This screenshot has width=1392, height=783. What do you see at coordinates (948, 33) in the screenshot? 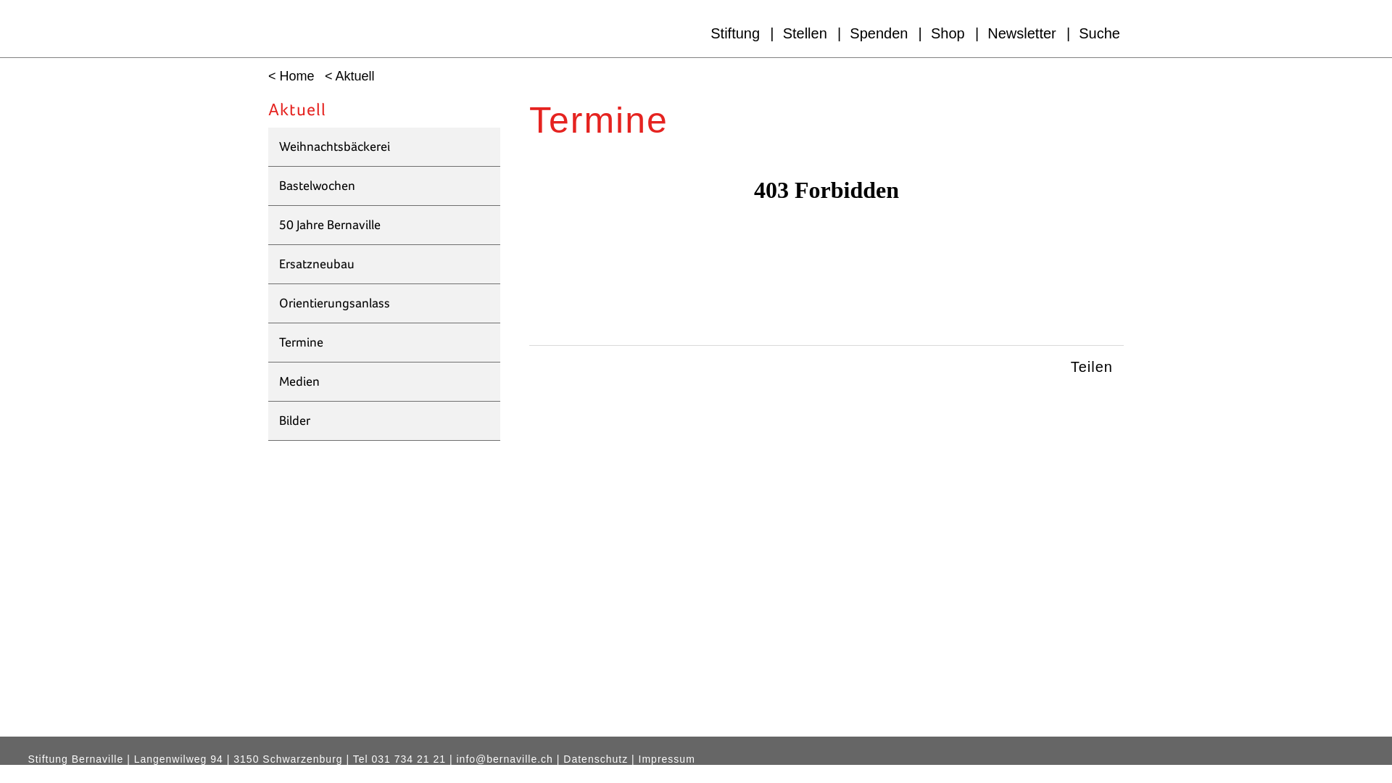
I see `'Shop'` at bounding box center [948, 33].